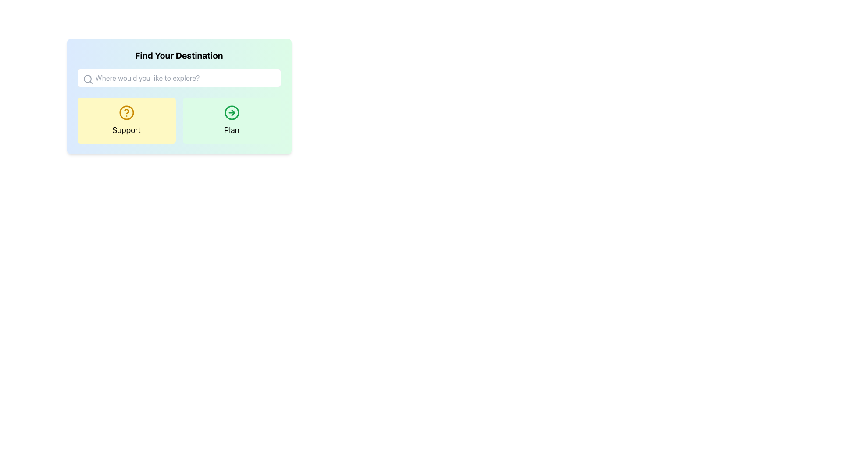 This screenshot has height=474, width=842. What do you see at coordinates (232, 112) in the screenshot?
I see `the central icon representing the 'Plan' section` at bounding box center [232, 112].